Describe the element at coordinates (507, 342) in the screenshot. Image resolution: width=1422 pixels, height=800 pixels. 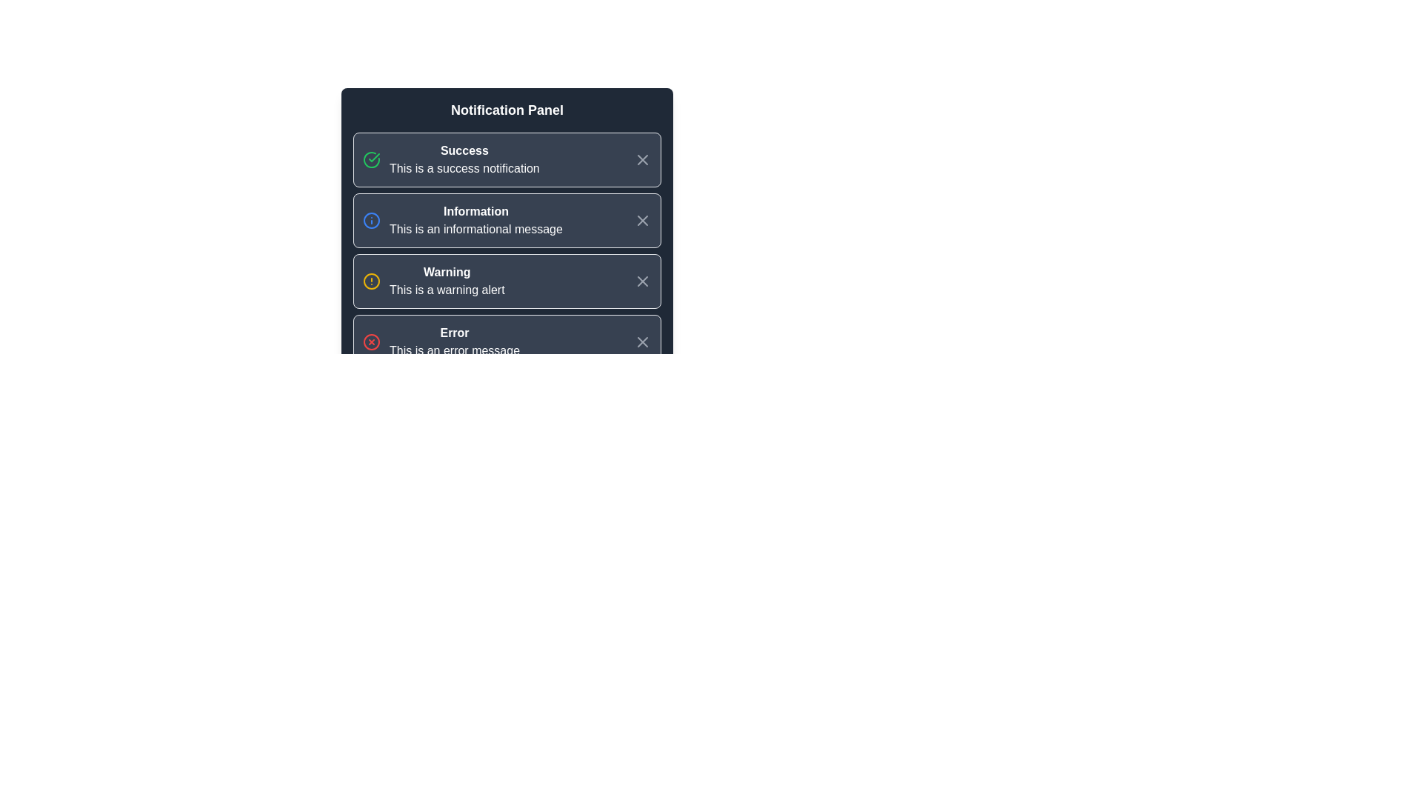
I see `the close button on the right of the fourth notification box with a dark gray background and a red cross icon indicating an error` at that location.